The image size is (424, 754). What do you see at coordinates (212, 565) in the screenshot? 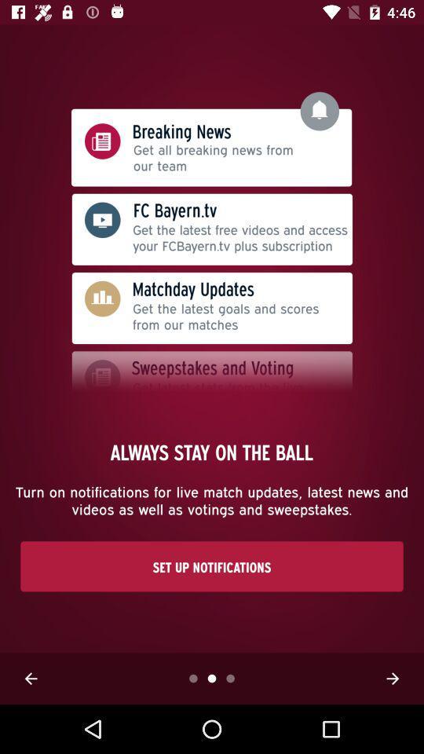
I see `set up notifications item` at bounding box center [212, 565].